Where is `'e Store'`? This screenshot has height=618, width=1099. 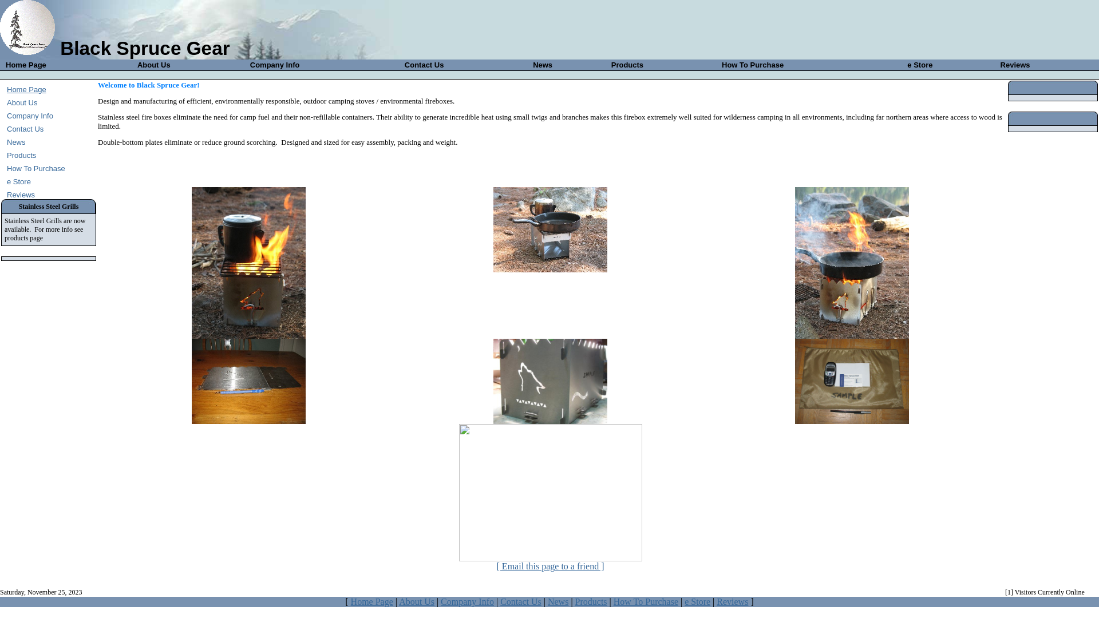 'e Store' is located at coordinates (906, 65).